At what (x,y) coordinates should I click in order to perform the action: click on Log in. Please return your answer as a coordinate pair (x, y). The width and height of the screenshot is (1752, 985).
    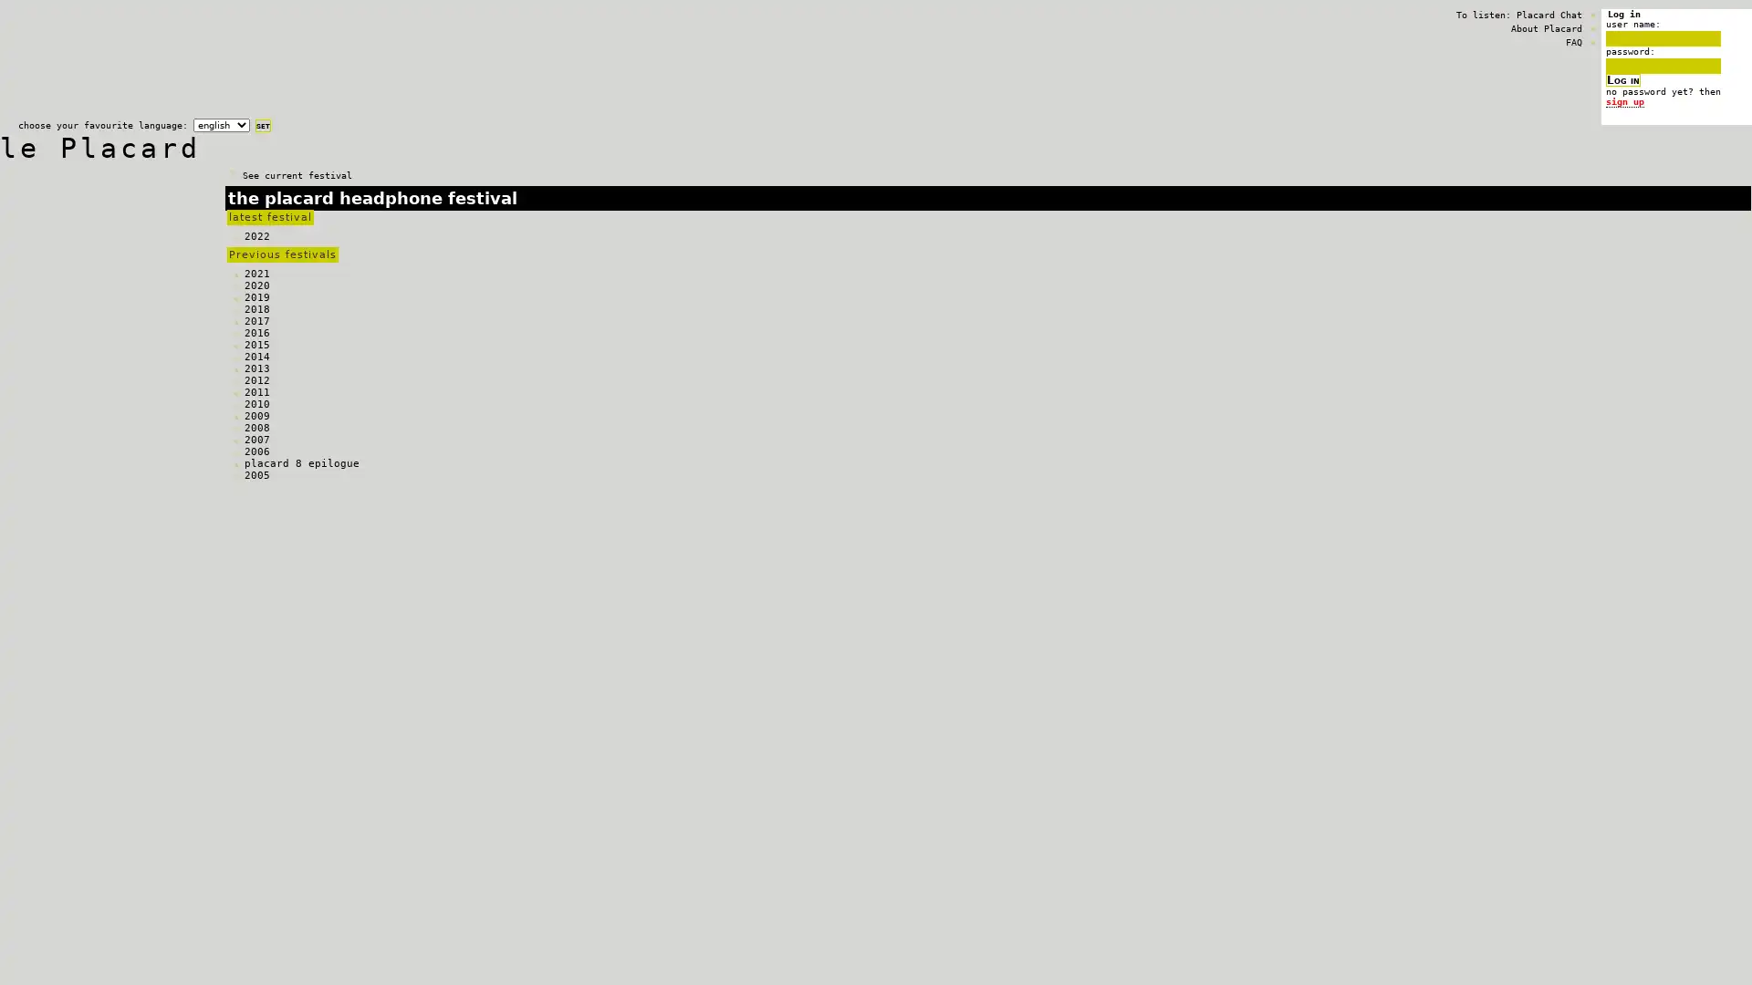
    Looking at the image, I should click on (1623, 79).